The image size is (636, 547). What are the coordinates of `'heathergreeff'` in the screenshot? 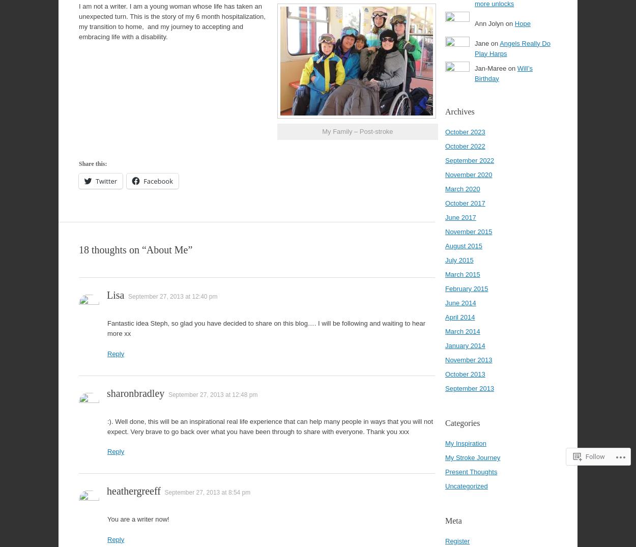 It's located at (133, 491).